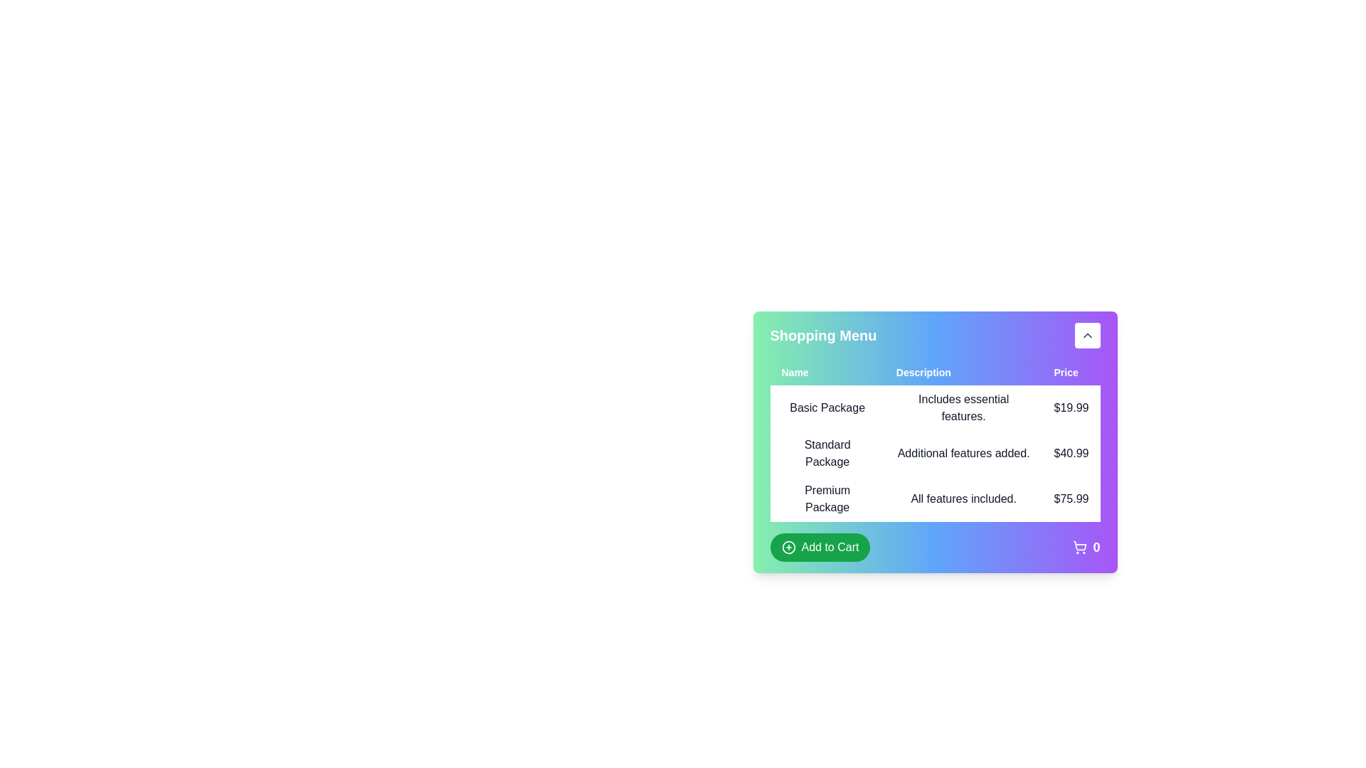 This screenshot has height=768, width=1366. What do you see at coordinates (935, 372) in the screenshot?
I see `the table header row, which labels the columns 'Name', 'Description', and 'Price', to use it as a guide for understanding the table data below` at bounding box center [935, 372].